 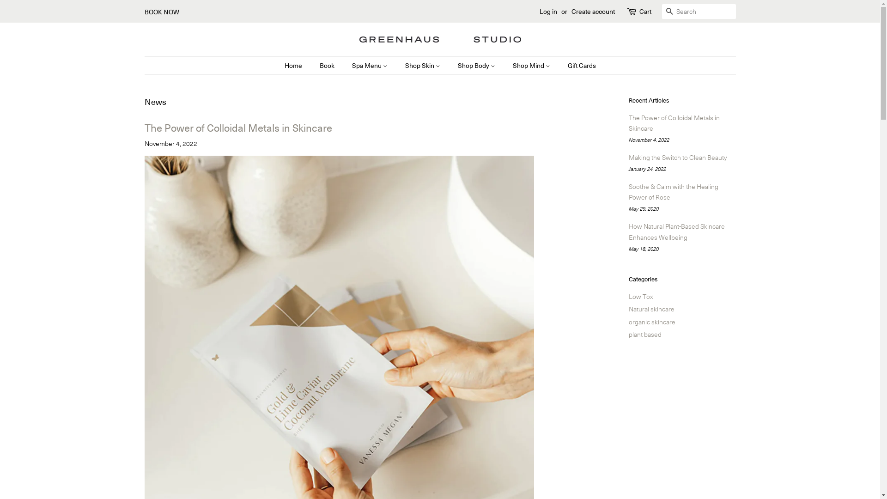 I want to click on 'Shop Body', so click(x=477, y=65).